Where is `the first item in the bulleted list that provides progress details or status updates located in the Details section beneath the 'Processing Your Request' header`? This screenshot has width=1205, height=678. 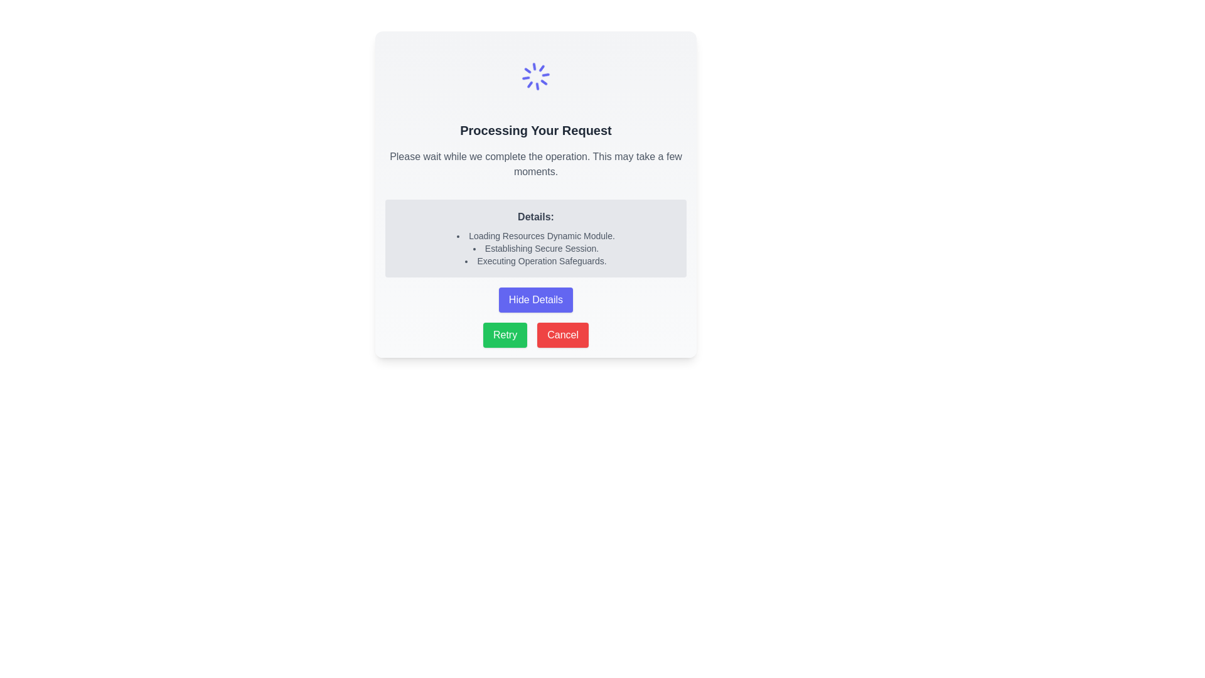 the first item in the bulleted list that provides progress details or status updates located in the Details section beneath the 'Processing Your Request' header is located at coordinates (536, 235).